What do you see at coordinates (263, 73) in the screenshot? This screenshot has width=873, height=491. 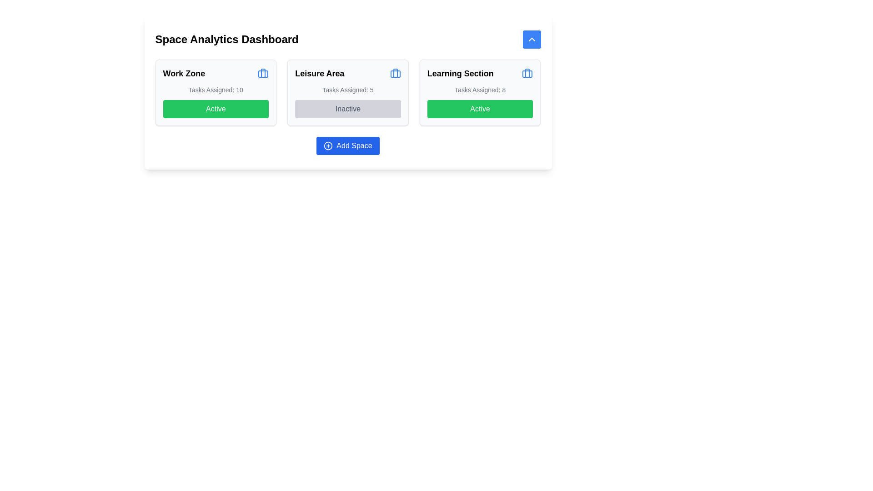 I see `the rectangular component inside the briefcase icon located at the top right of the 'Work Zone' card in the dashboard` at bounding box center [263, 73].